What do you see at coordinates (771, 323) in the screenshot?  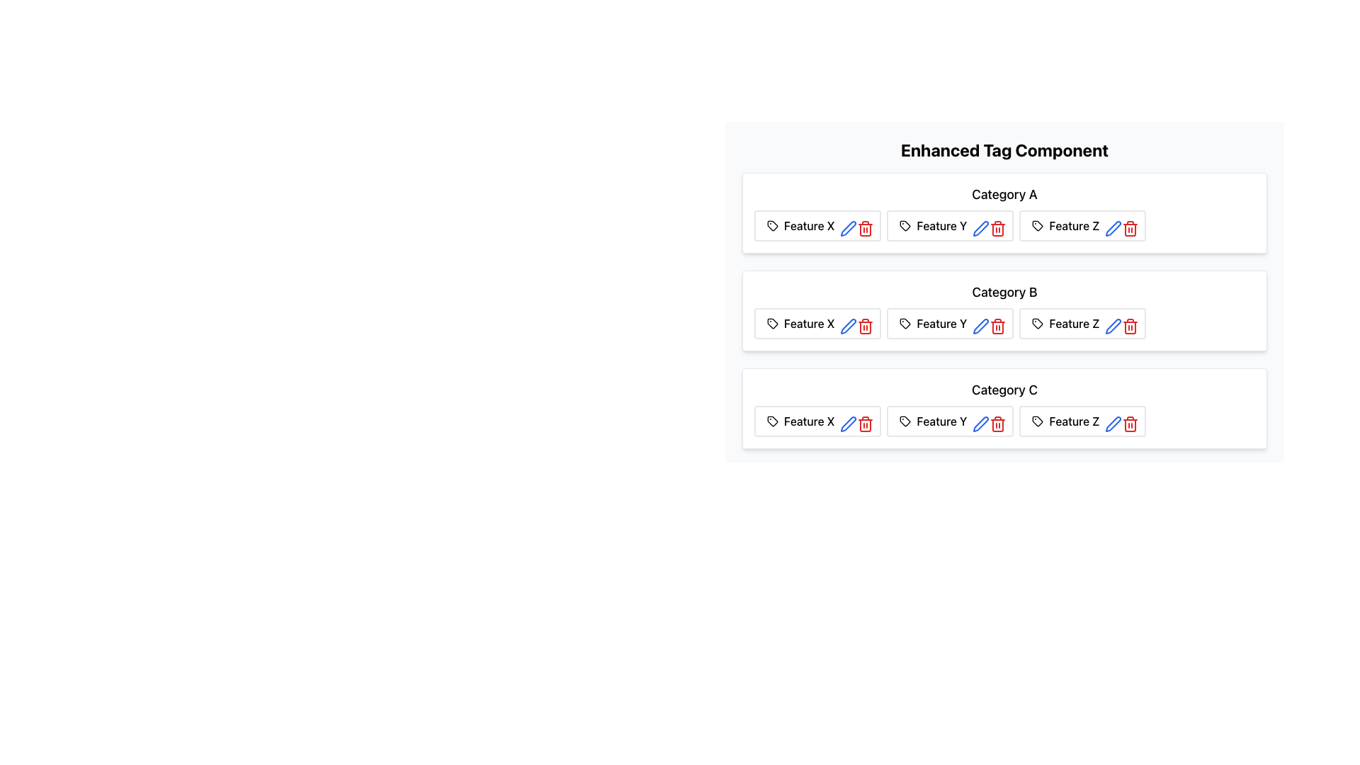 I see `the tag icon styled in black located in the second row under 'Category B', adjacent to 'Feature X'` at bounding box center [771, 323].